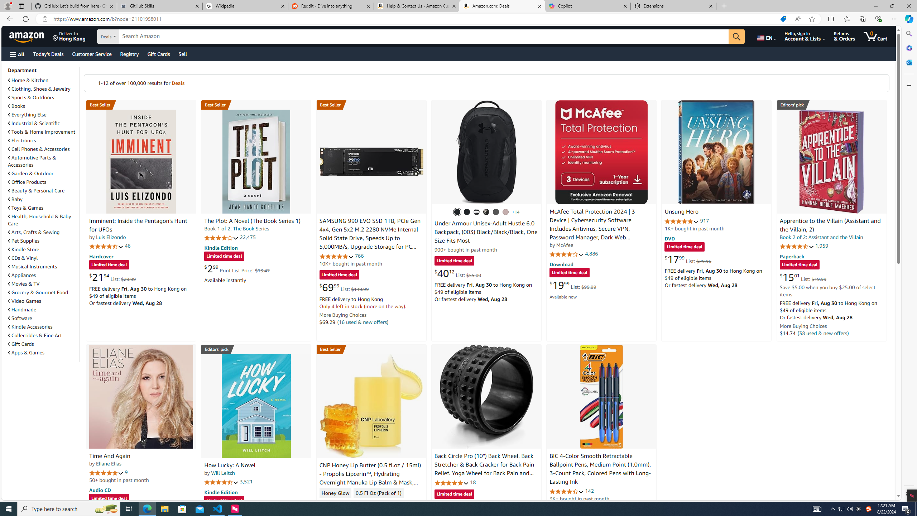 Image resolution: width=917 pixels, height=516 pixels. What do you see at coordinates (31, 97) in the screenshot?
I see `'Sports & Outdoors'` at bounding box center [31, 97].